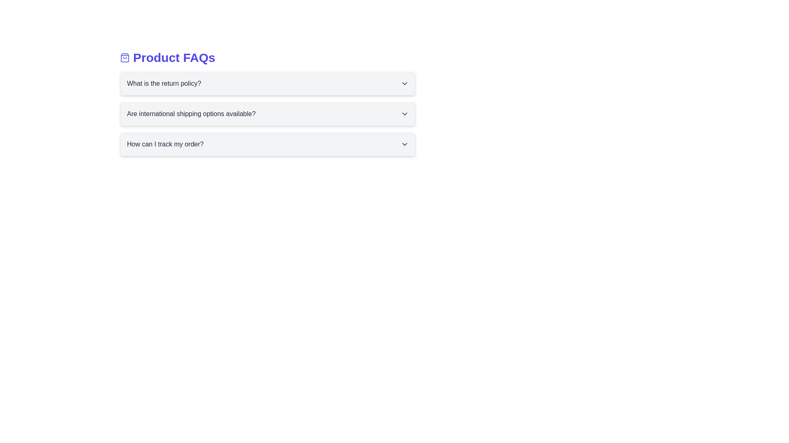  What do you see at coordinates (268, 114) in the screenshot?
I see `the button labeled 'Are international shipping options available?' located in the 'Product FAQs' section` at bounding box center [268, 114].